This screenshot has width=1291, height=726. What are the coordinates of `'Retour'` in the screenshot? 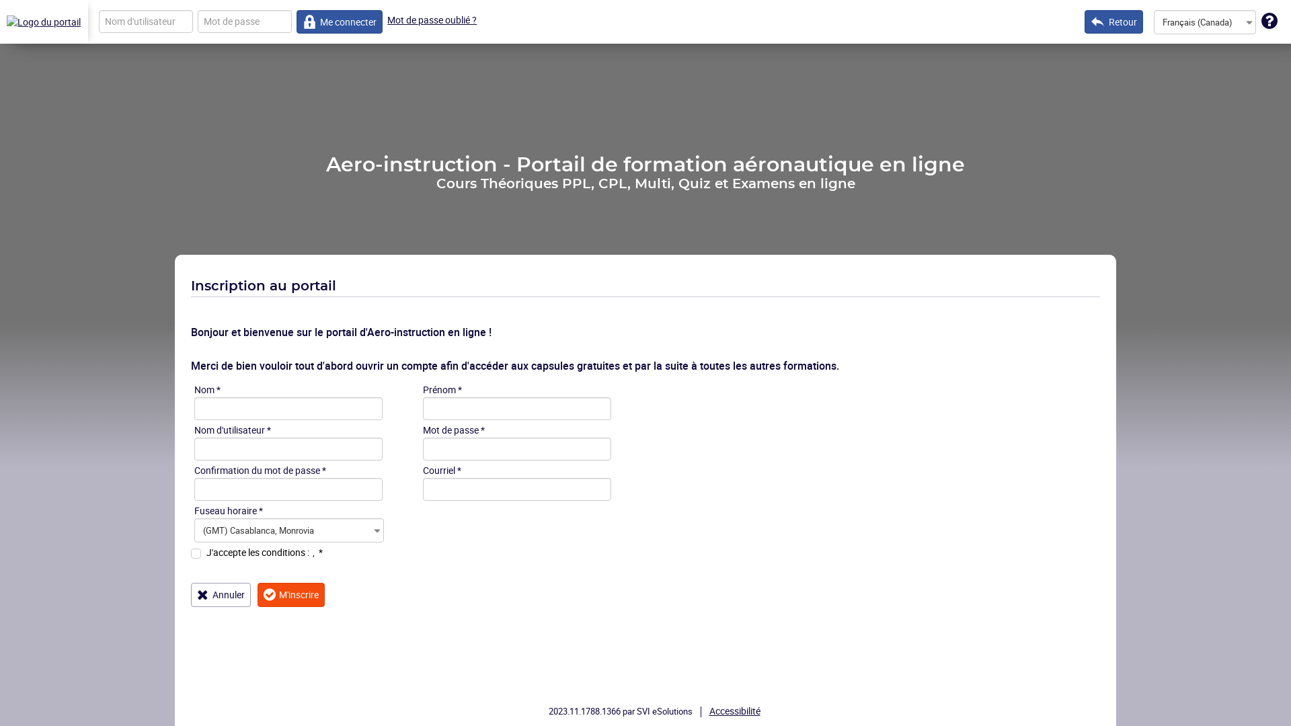 It's located at (1084, 21).